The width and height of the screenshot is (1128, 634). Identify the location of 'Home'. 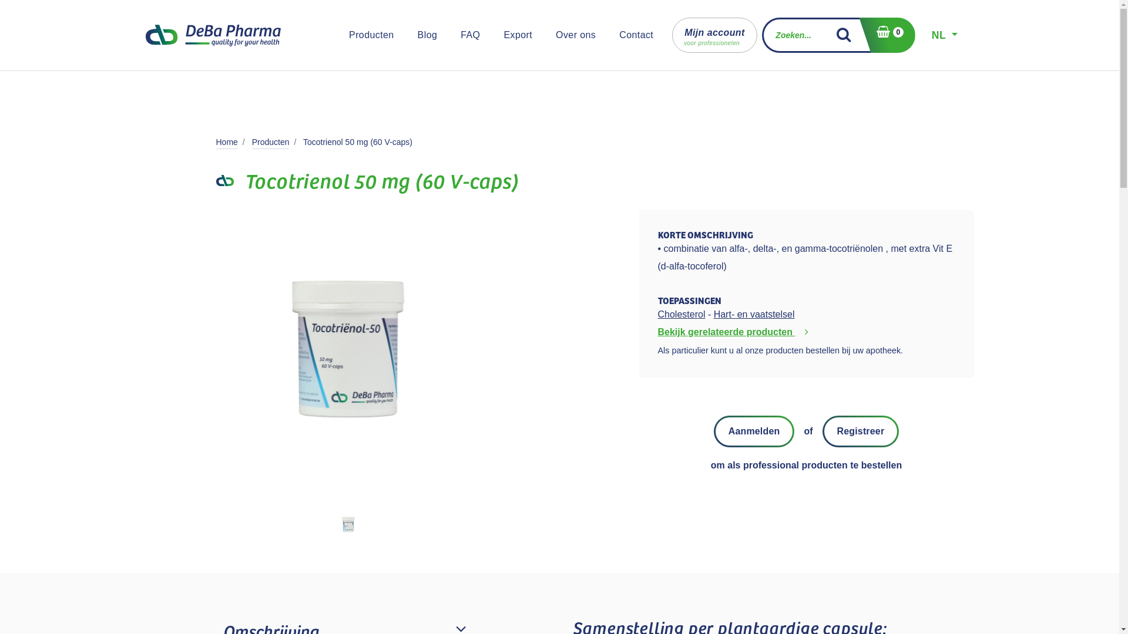
(227, 141).